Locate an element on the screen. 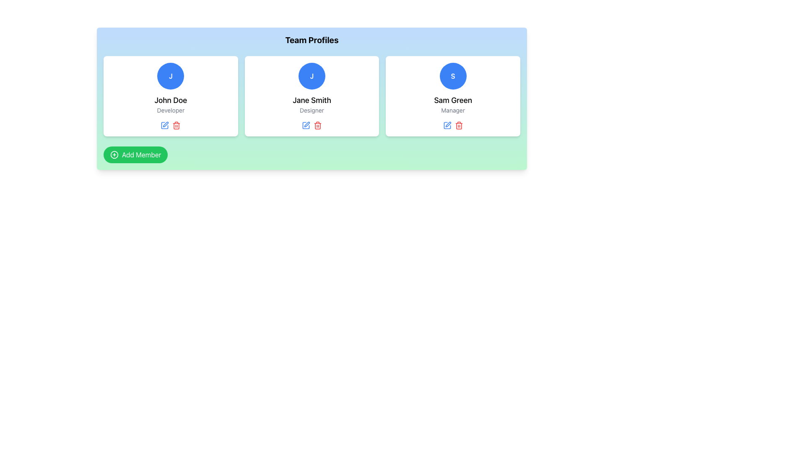  the edit button located in the bottom-left section of the first card under the 'John Doe' profile is located at coordinates (165, 126).